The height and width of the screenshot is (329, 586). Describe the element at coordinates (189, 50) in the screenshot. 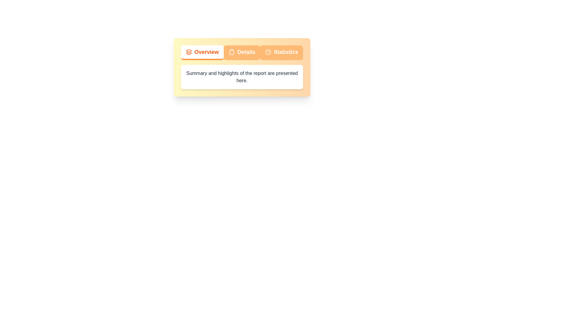

I see `the information conveyed by the topmost triangular layer of the SVG-based icon located beside the 'Overview' text label` at that location.